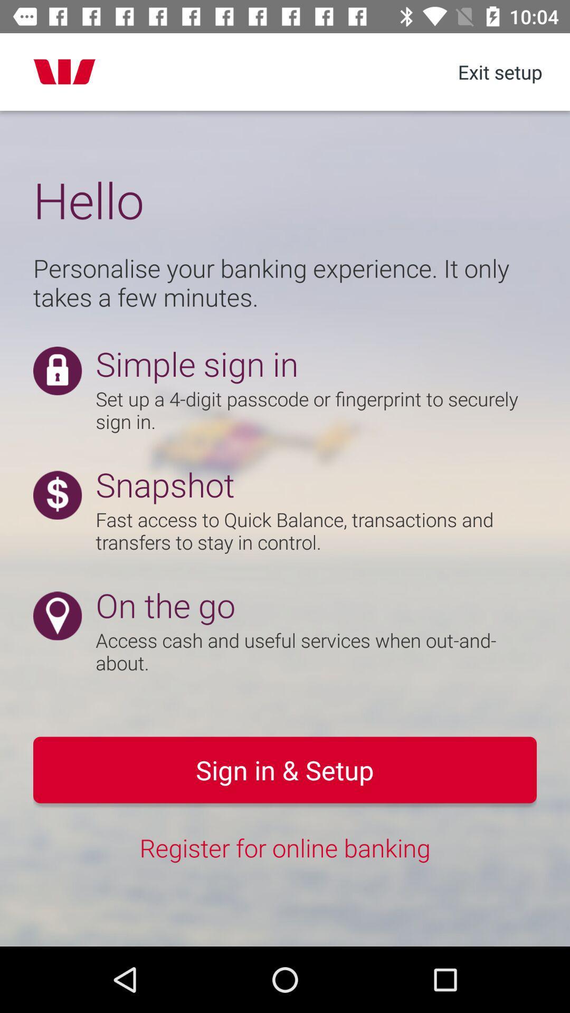  I want to click on icon before snapshot text, so click(57, 495).